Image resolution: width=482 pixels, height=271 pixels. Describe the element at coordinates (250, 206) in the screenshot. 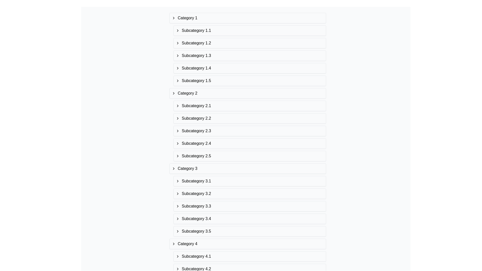

I see `the 'Subcategory 3.3' Collapsible List Item` at that location.